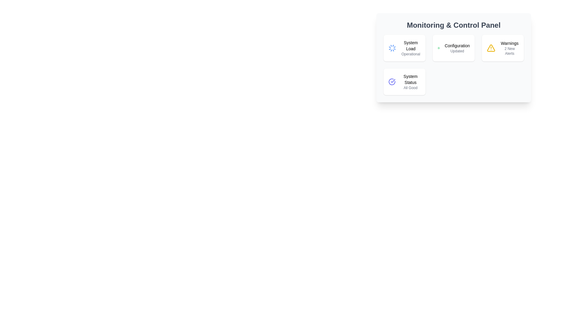 The image size is (579, 325). Describe the element at coordinates (457, 48) in the screenshot. I see `text label that displays 'Configuration' in bold and 'Updated' in a lighter font, located within a rounded white box in the Monitoring & Control Panel section` at that location.